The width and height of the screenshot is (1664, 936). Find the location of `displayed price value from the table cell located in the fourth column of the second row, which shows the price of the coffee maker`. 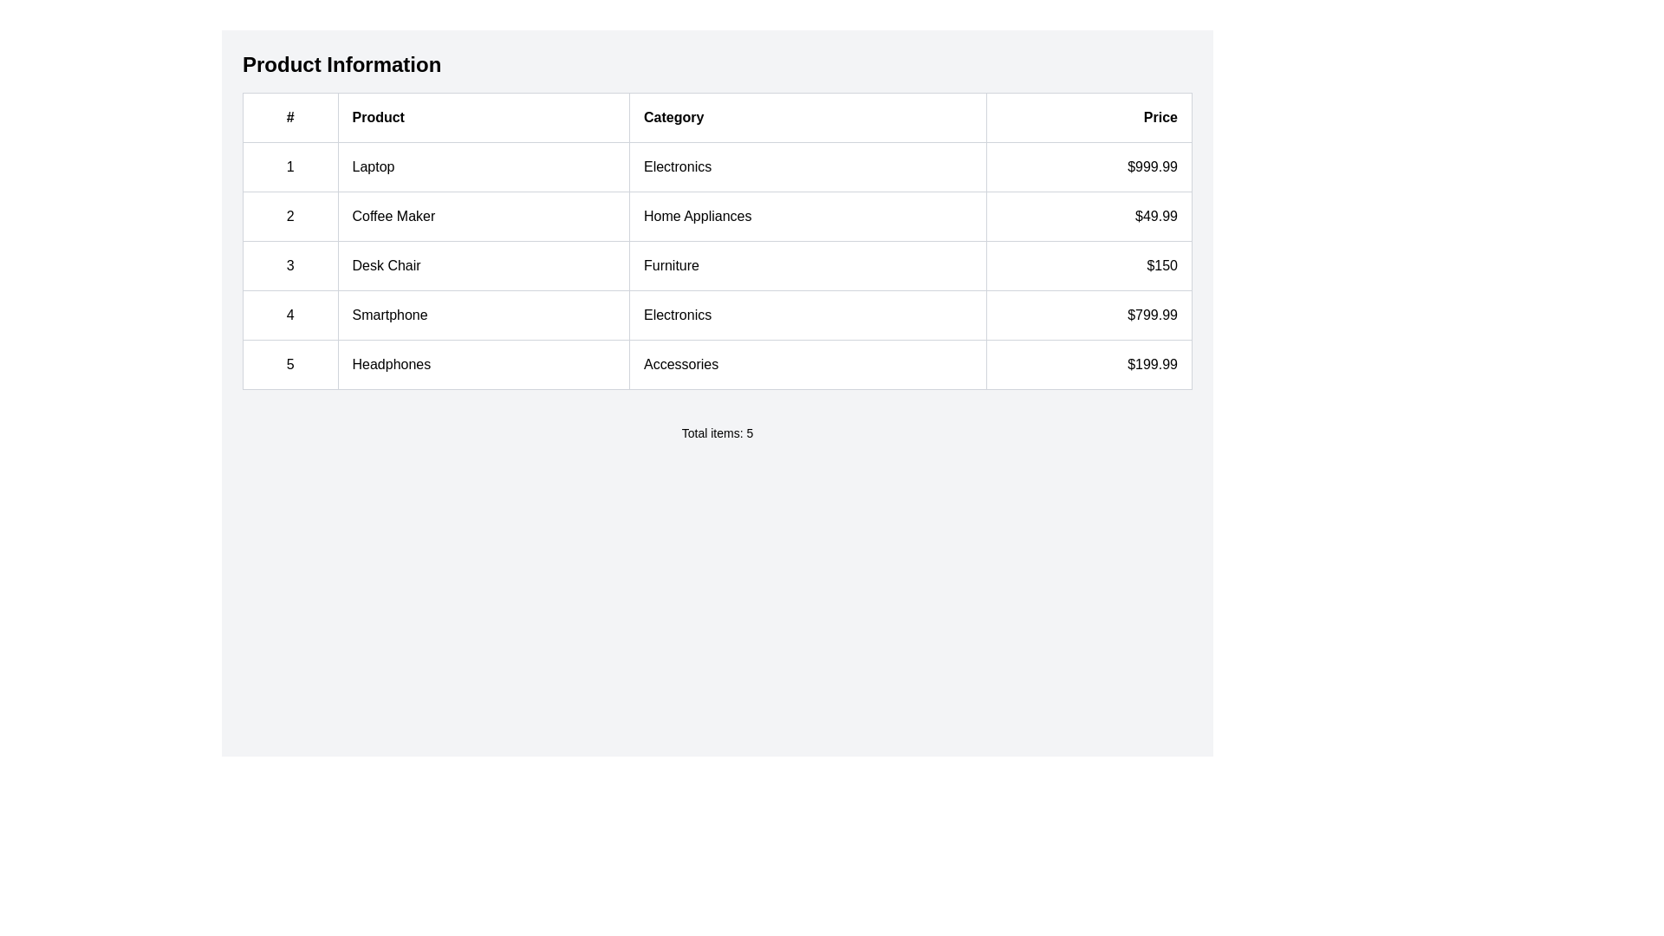

displayed price value from the table cell located in the fourth column of the second row, which shows the price of the coffee maker is located at coordinates (1088, 216).